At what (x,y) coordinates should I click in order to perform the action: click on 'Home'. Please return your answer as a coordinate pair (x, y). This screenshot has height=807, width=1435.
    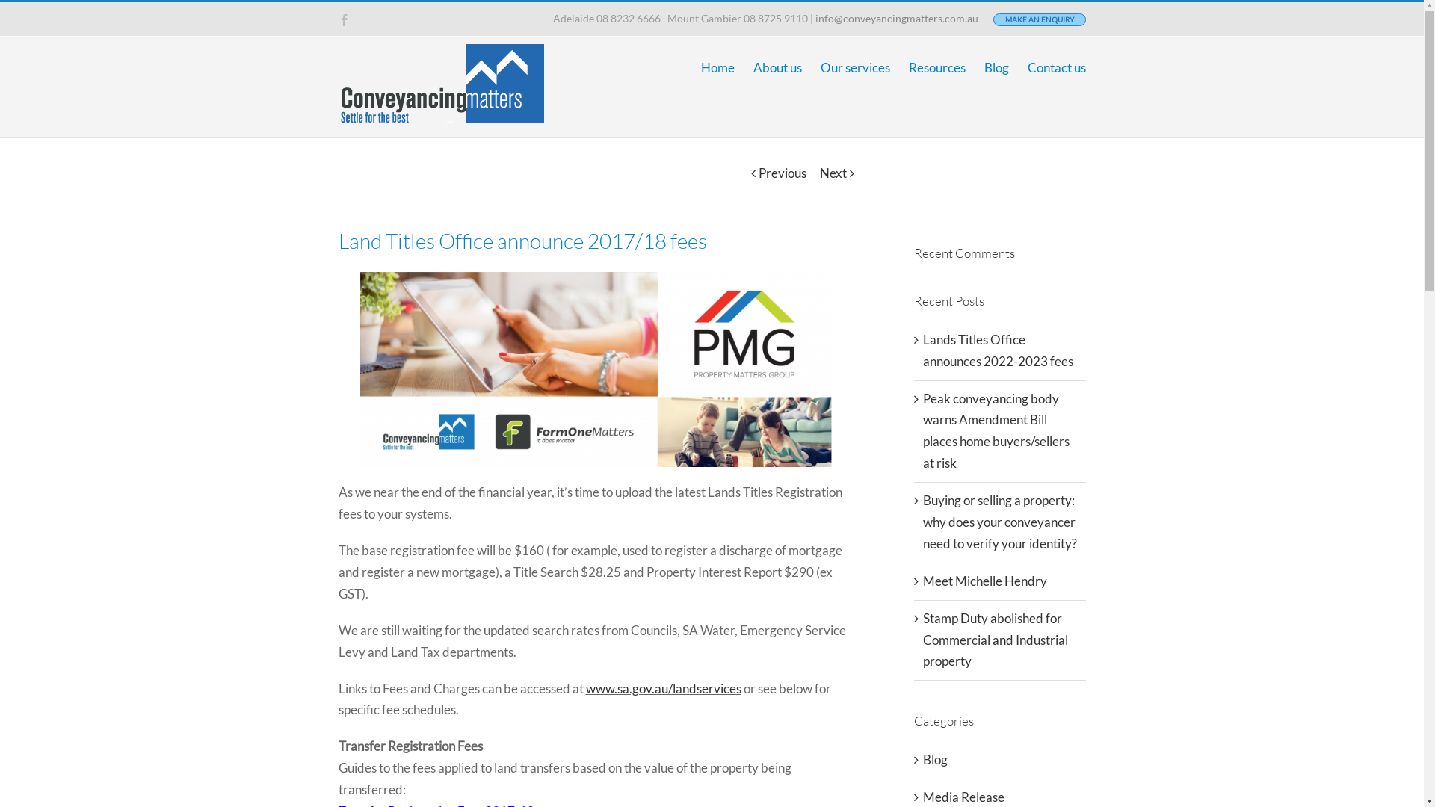
    Looking at the image, I should click on (717, 67).